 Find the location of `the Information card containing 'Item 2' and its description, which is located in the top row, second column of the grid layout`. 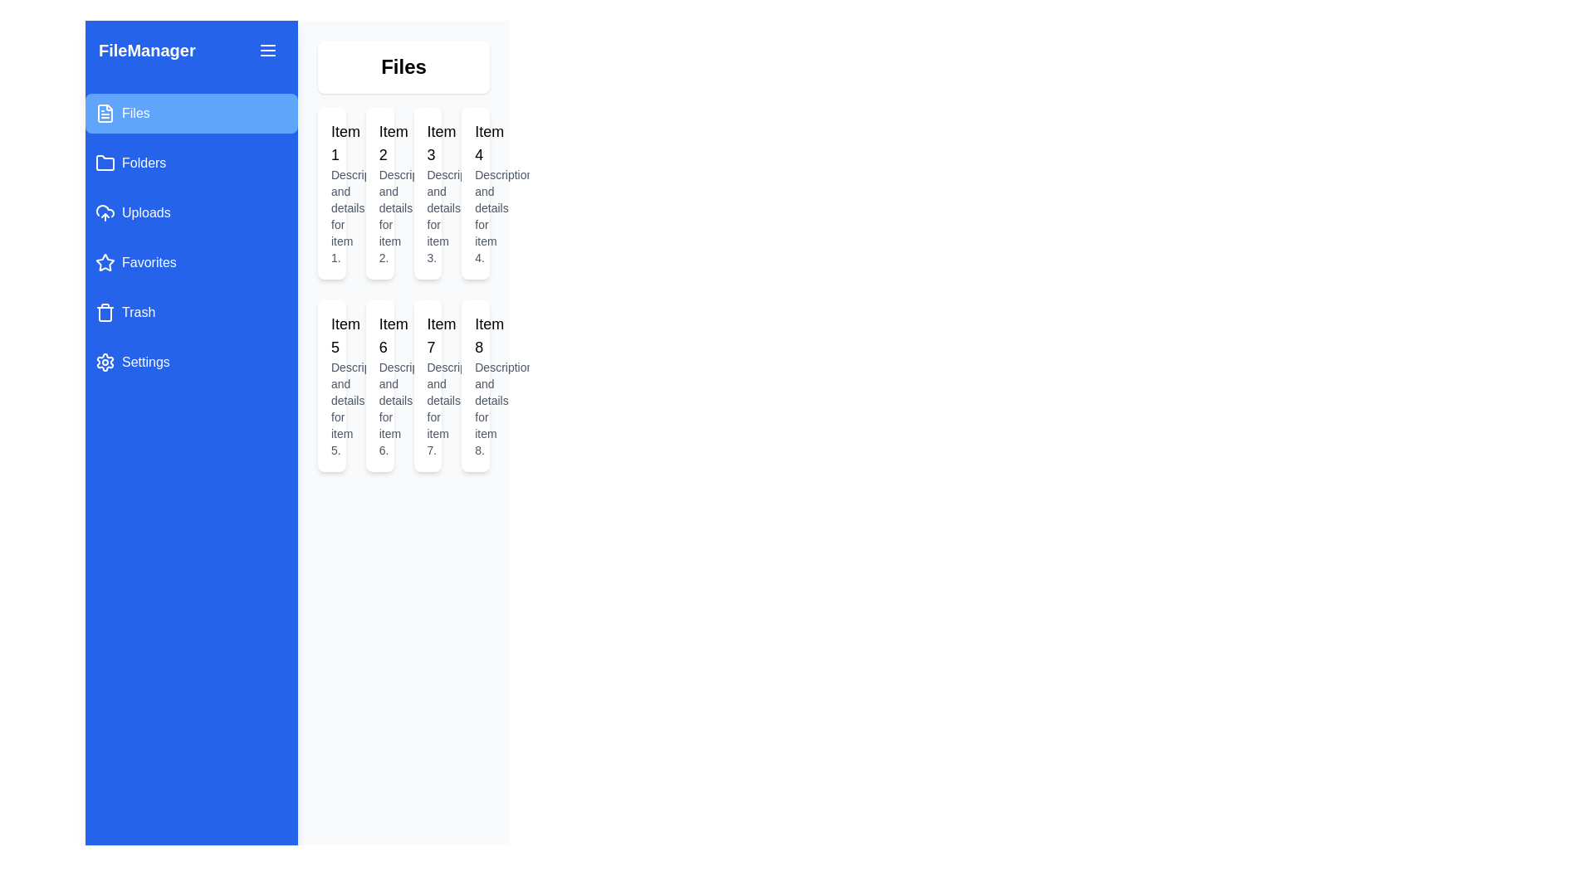

the Information card containing 'Item 2' and its description, which is located in the top row, second column of the grid layout is located at coordinates (379, 192).